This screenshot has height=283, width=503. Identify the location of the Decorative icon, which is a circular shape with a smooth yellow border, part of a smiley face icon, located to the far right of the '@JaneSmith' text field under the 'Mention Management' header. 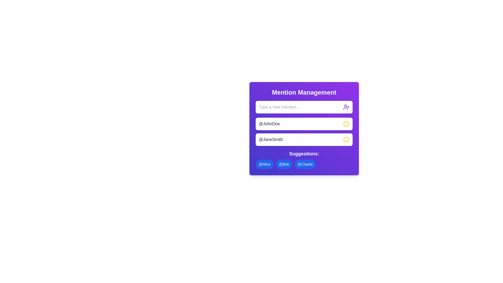
(346, 124).